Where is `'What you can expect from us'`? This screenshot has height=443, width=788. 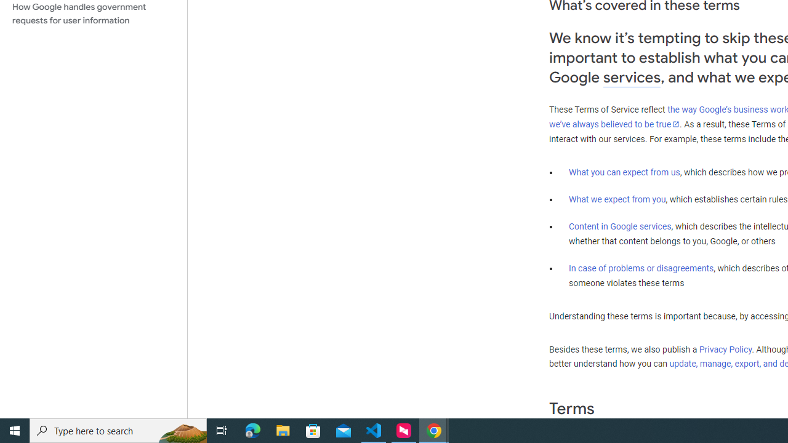
'What you can expect from us' is located at coordinates (624, 172).